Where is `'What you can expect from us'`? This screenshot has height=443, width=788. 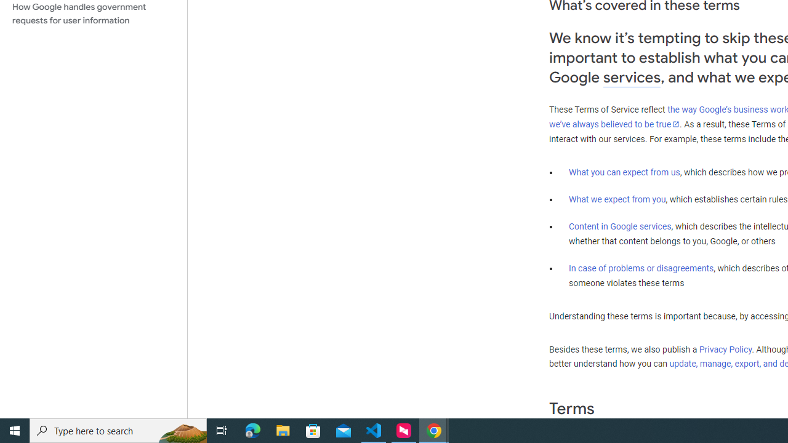
'What you can expect from us' is located at coordinates (624, 172).